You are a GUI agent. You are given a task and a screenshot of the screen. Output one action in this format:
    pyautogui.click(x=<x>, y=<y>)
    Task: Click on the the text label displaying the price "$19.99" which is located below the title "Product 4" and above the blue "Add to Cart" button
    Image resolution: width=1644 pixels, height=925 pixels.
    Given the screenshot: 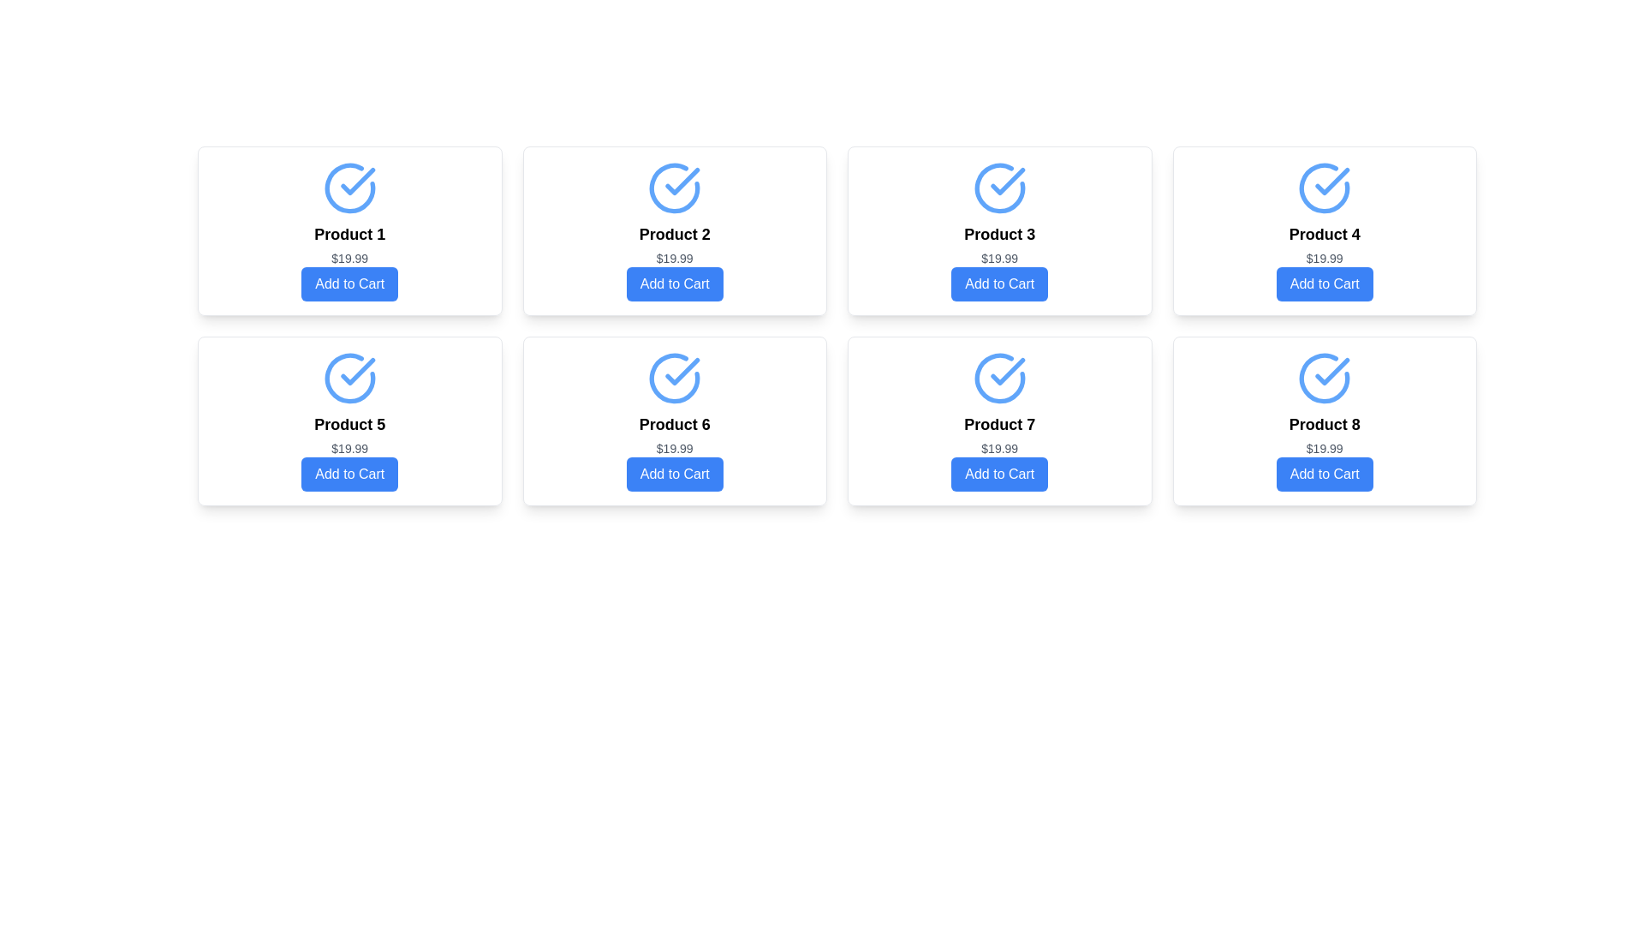 What is the action you would take?
    pyautogui.click(x=1324, y=258)
    